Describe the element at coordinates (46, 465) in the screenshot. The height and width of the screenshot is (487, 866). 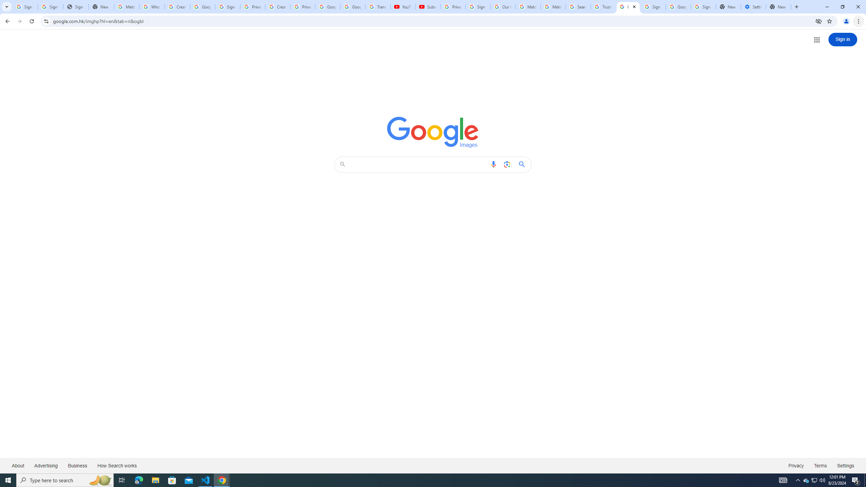
I see `'Advertising'` at that location.